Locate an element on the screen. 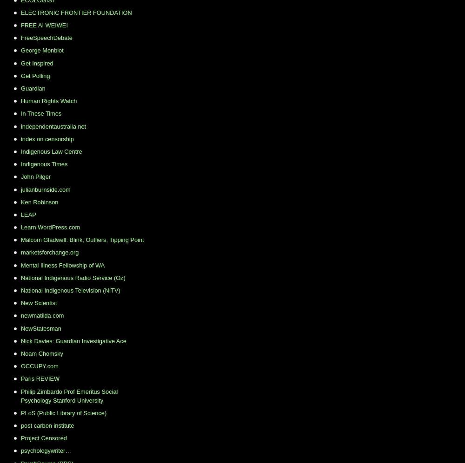 The image size is (465, 463). 'FreeSpeechDebate' is located at coordinates (46, 37).